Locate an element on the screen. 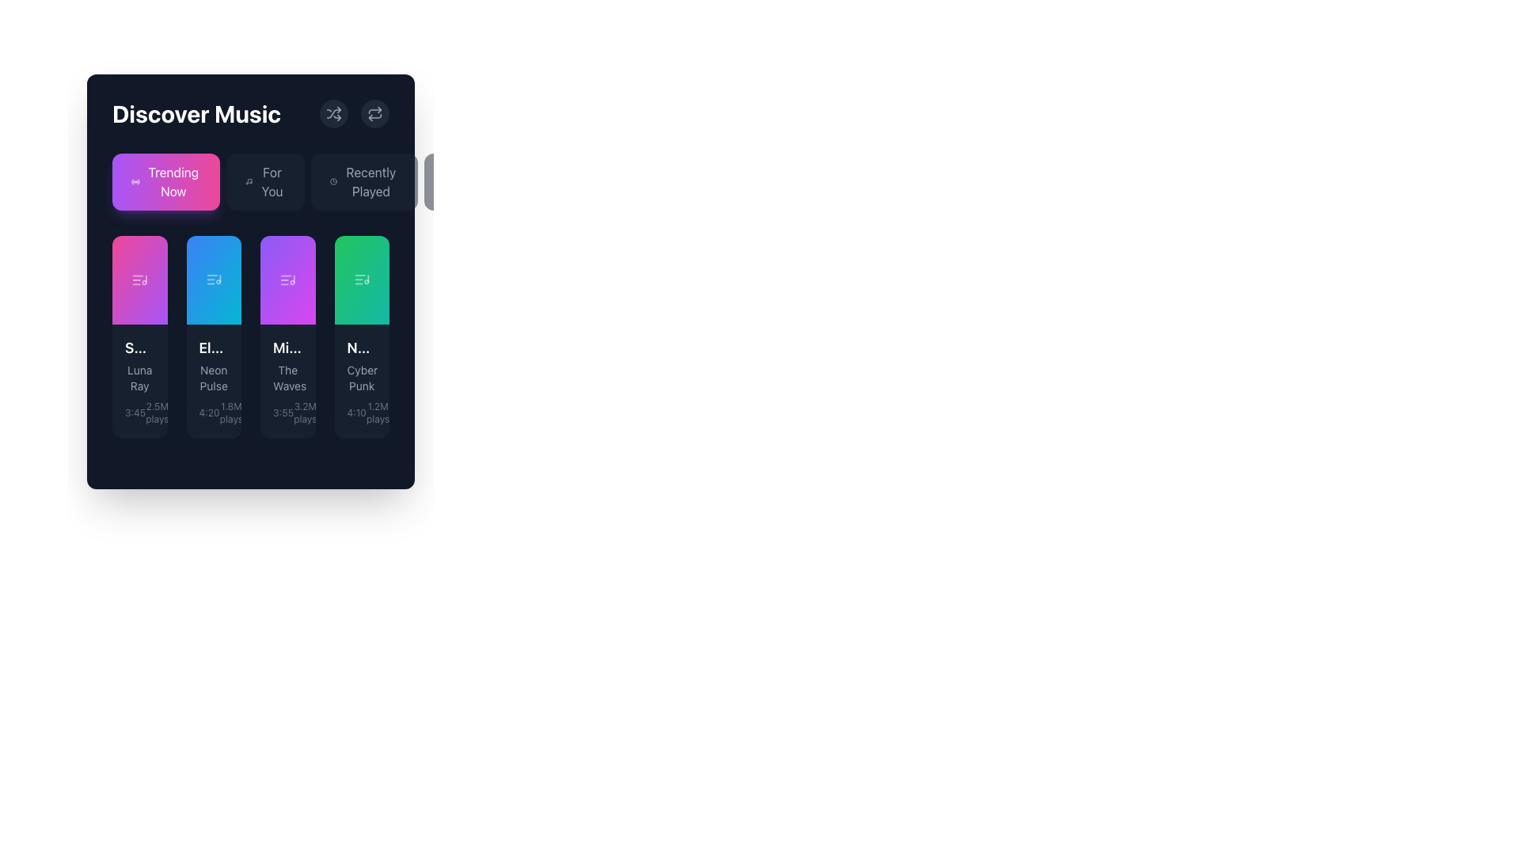 This screenshot has width=1520, height=855. the static text element displaying '2.5M plays', which is positioned below the music track's title and artist name in the bottom-left card of the music grid is located at coordinates (157, 412).